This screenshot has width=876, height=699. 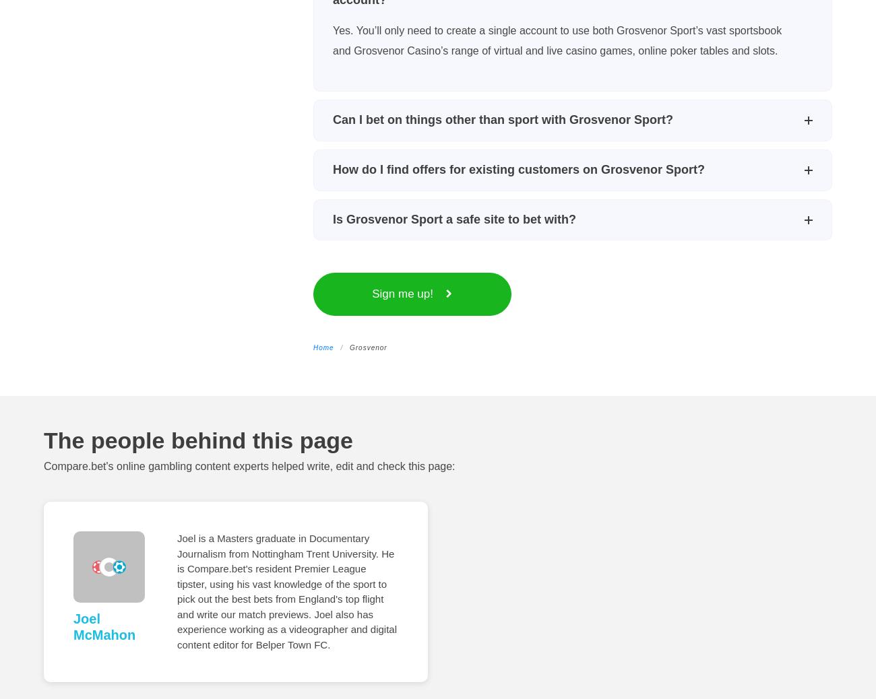 I want to click on 'Joel McMahon', so click(x=103, y=626).